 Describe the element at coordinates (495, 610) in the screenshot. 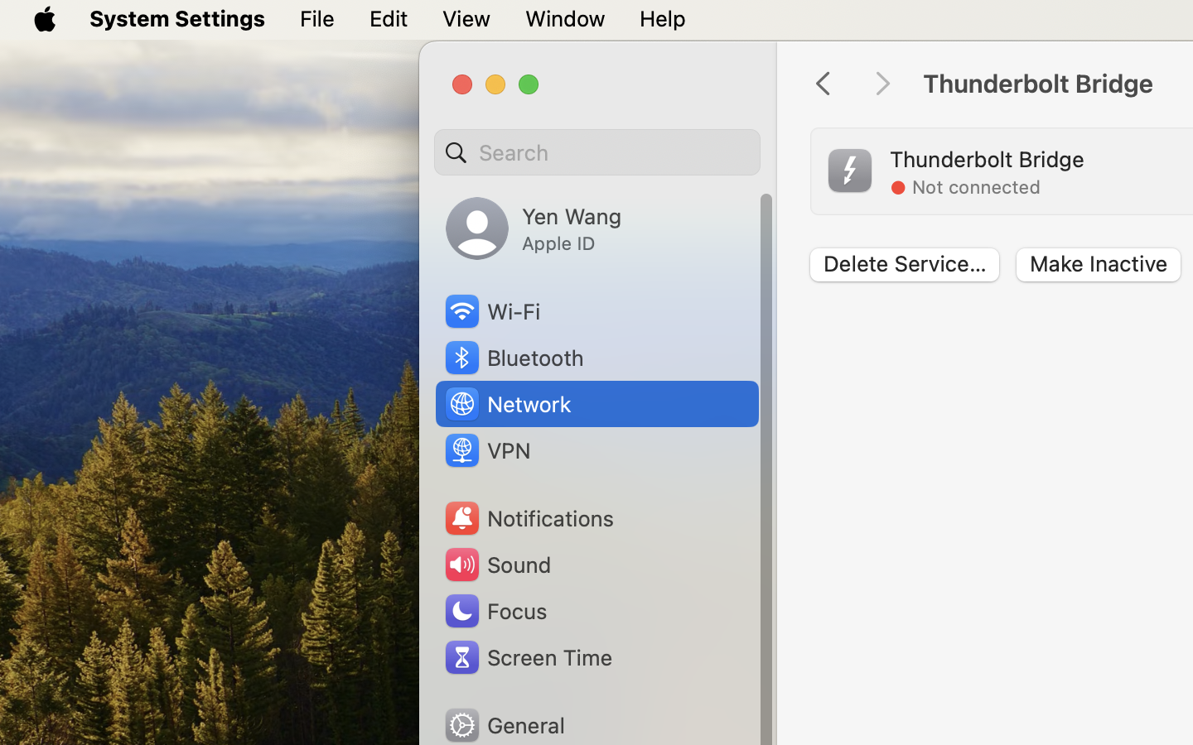

I see `'Focus'` at that location.